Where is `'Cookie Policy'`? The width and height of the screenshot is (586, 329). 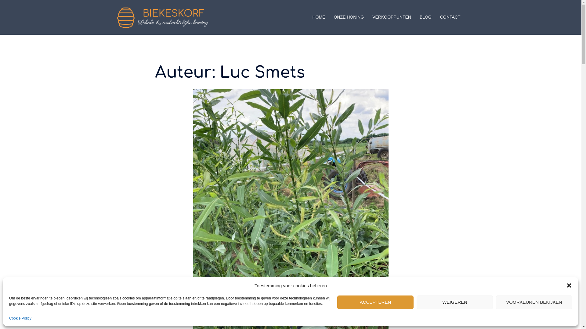 'Cookie Policy' is located at coordinates (20, 318).